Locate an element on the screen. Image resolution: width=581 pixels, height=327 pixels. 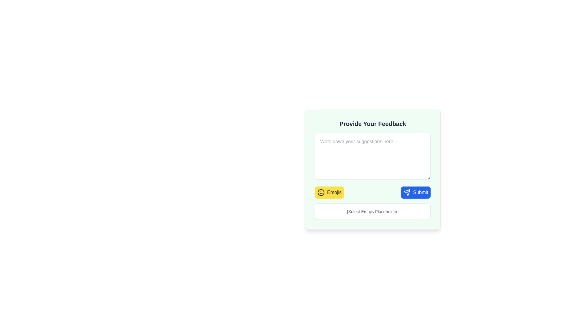
the 'Submit' button located at the bottom-right corner of the 'Provide Your Feedback' form is located at coordinates (415, 193).